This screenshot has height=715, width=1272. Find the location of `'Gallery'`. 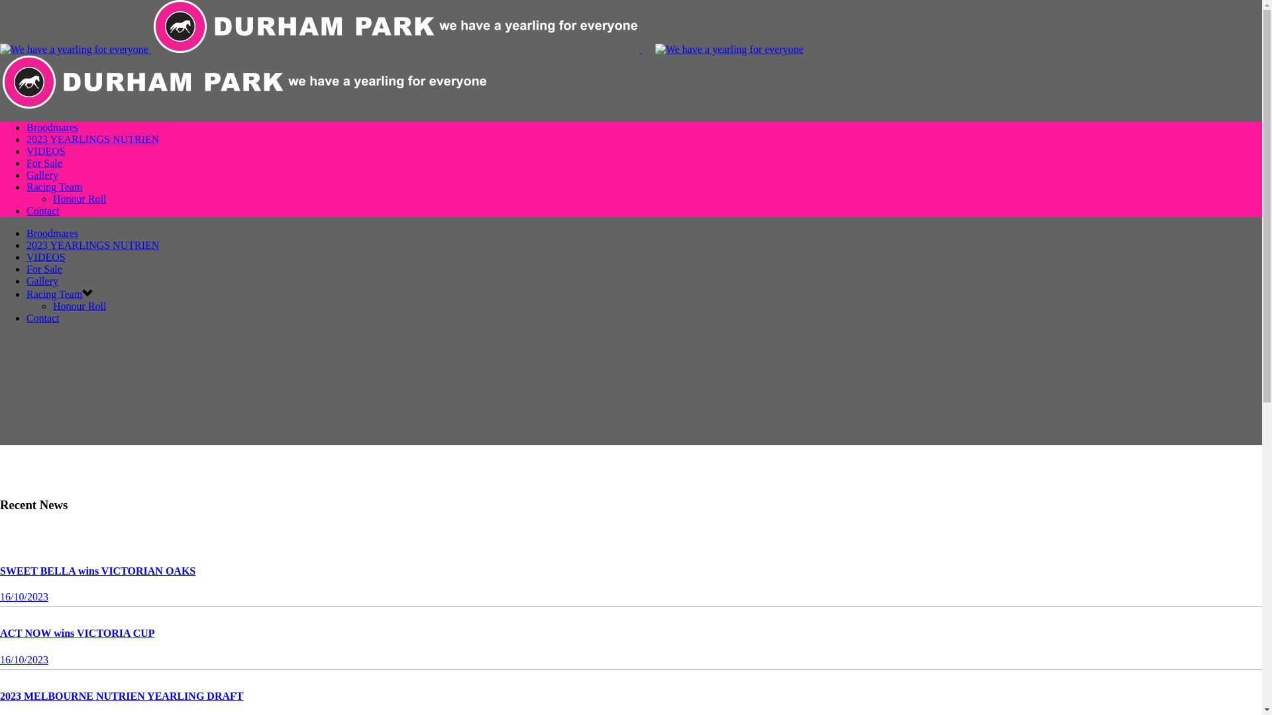

'Gallery' is located at coordinates (42, 174).